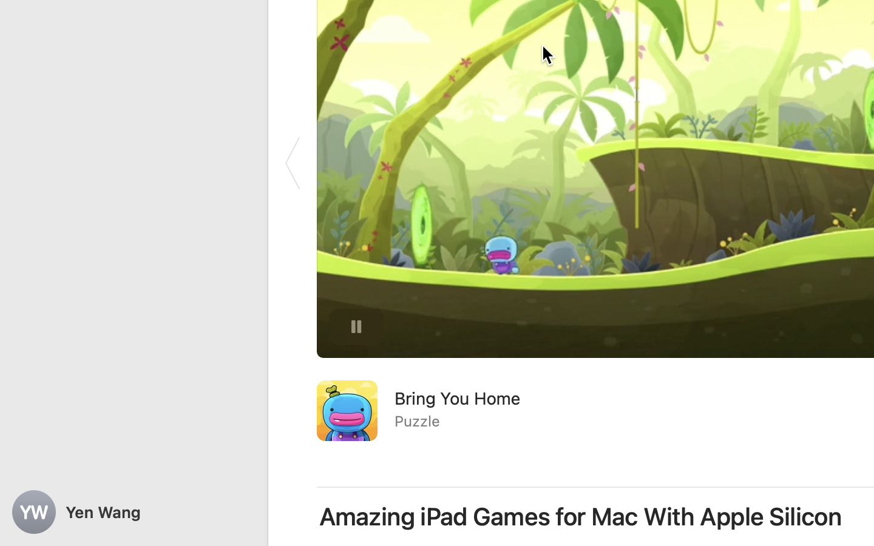  I want to click on 'Amazing iPad Games for Mac With Apple Silicon', so click(581, 517).